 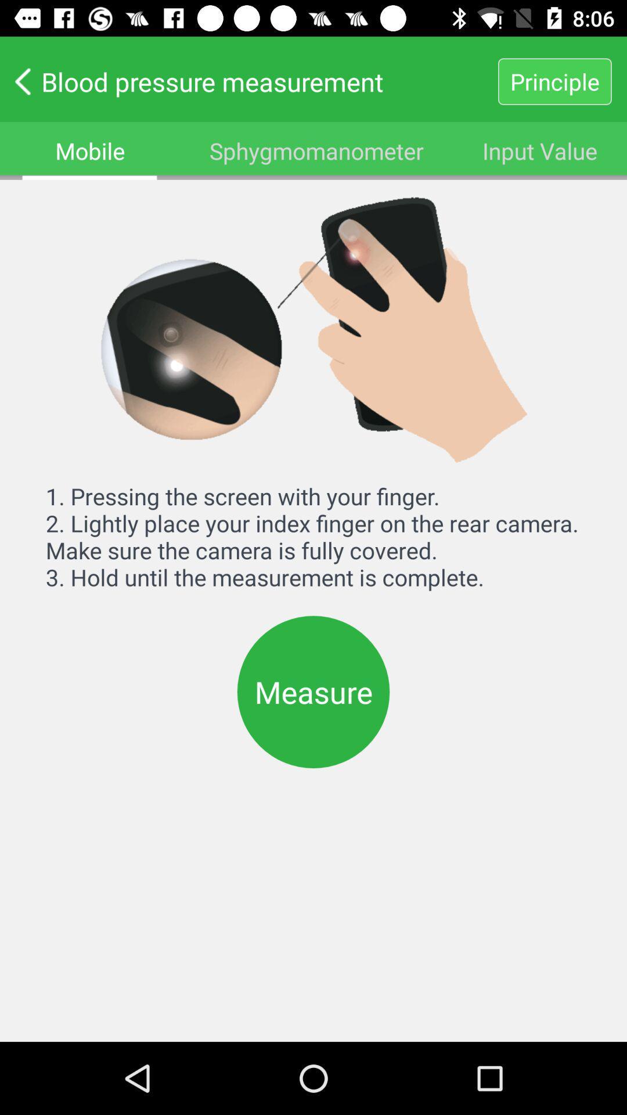 What do you see at coordinates (316, 150) in the screenshot?
I see `the icon to the right of mobile item` at bounding box center [316, 150].